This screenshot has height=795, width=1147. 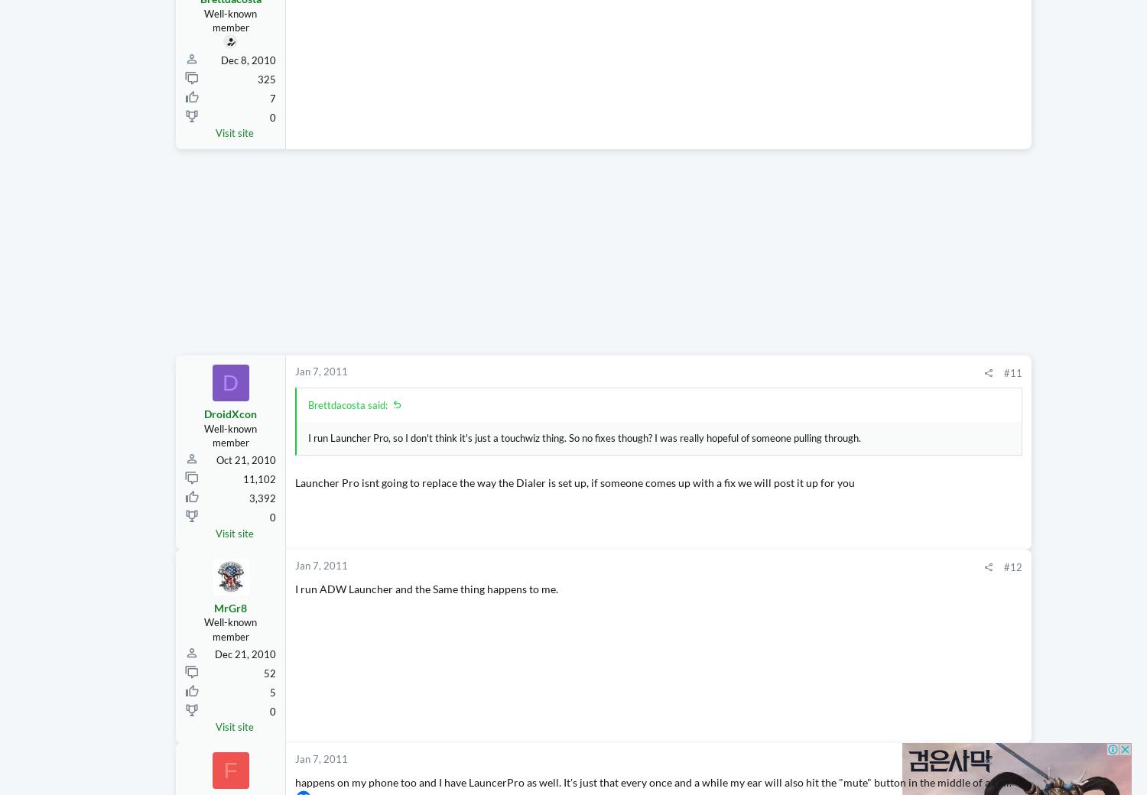 What do you see at coordinates (574, 511) in the screenshot?
I see `'Launcher Pro isnt going to replace the way the Dialer is set up, if someone comes up with a fix we will post it up for you'` at bounding box center [574, 511].